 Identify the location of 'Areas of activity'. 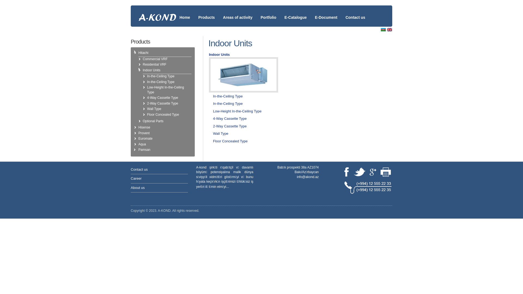
(219, 12).